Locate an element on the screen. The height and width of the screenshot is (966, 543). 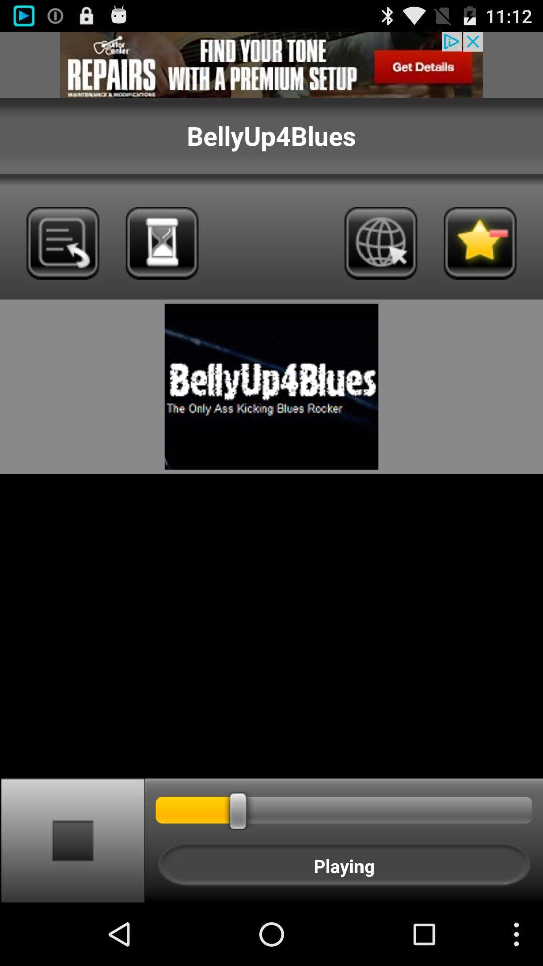
the wallpaper icon is located at coordinates (161, 260).